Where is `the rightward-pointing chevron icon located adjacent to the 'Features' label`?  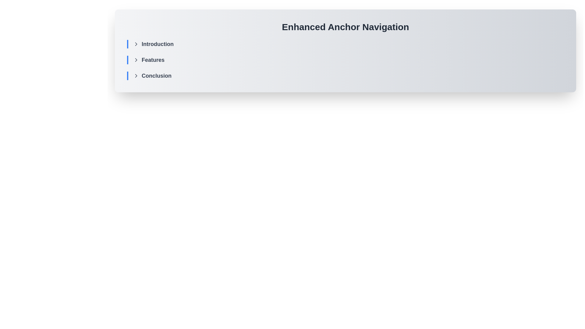
the rightward-pointing chevron icon located adjacent to the 'Features' label is located at coordinates (136, 60).